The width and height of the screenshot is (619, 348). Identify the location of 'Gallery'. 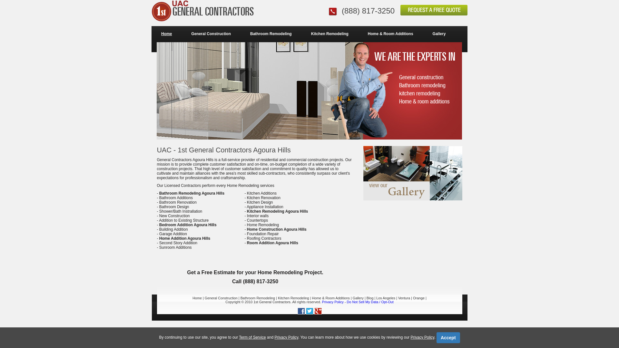
(439, 34).